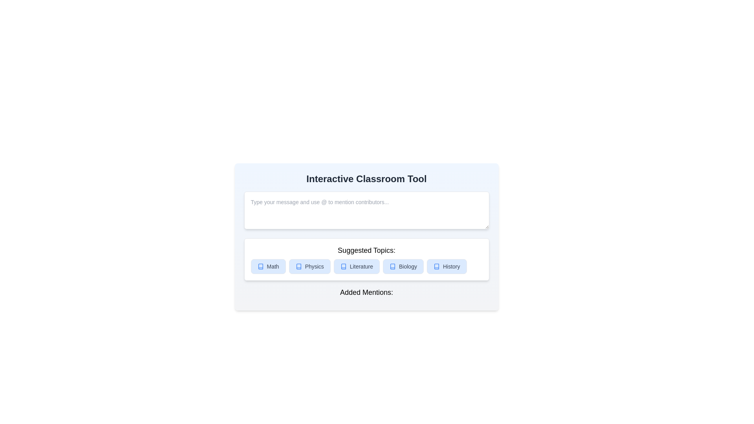 The width and height of the screenshot is (754, 424). I want to click on the blue book outline icon located to the left of the 'Literature' button within the 'Suggested Topics' section, so click(343, 266).